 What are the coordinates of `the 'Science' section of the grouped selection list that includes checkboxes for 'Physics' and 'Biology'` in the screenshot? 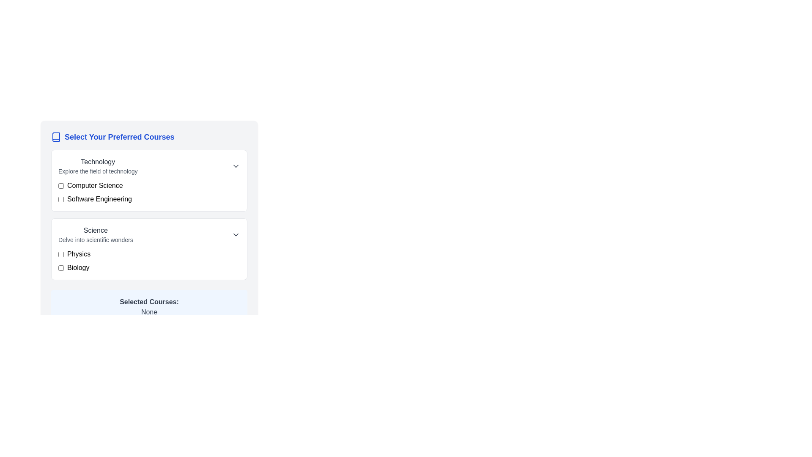 It's located at (149, 227).